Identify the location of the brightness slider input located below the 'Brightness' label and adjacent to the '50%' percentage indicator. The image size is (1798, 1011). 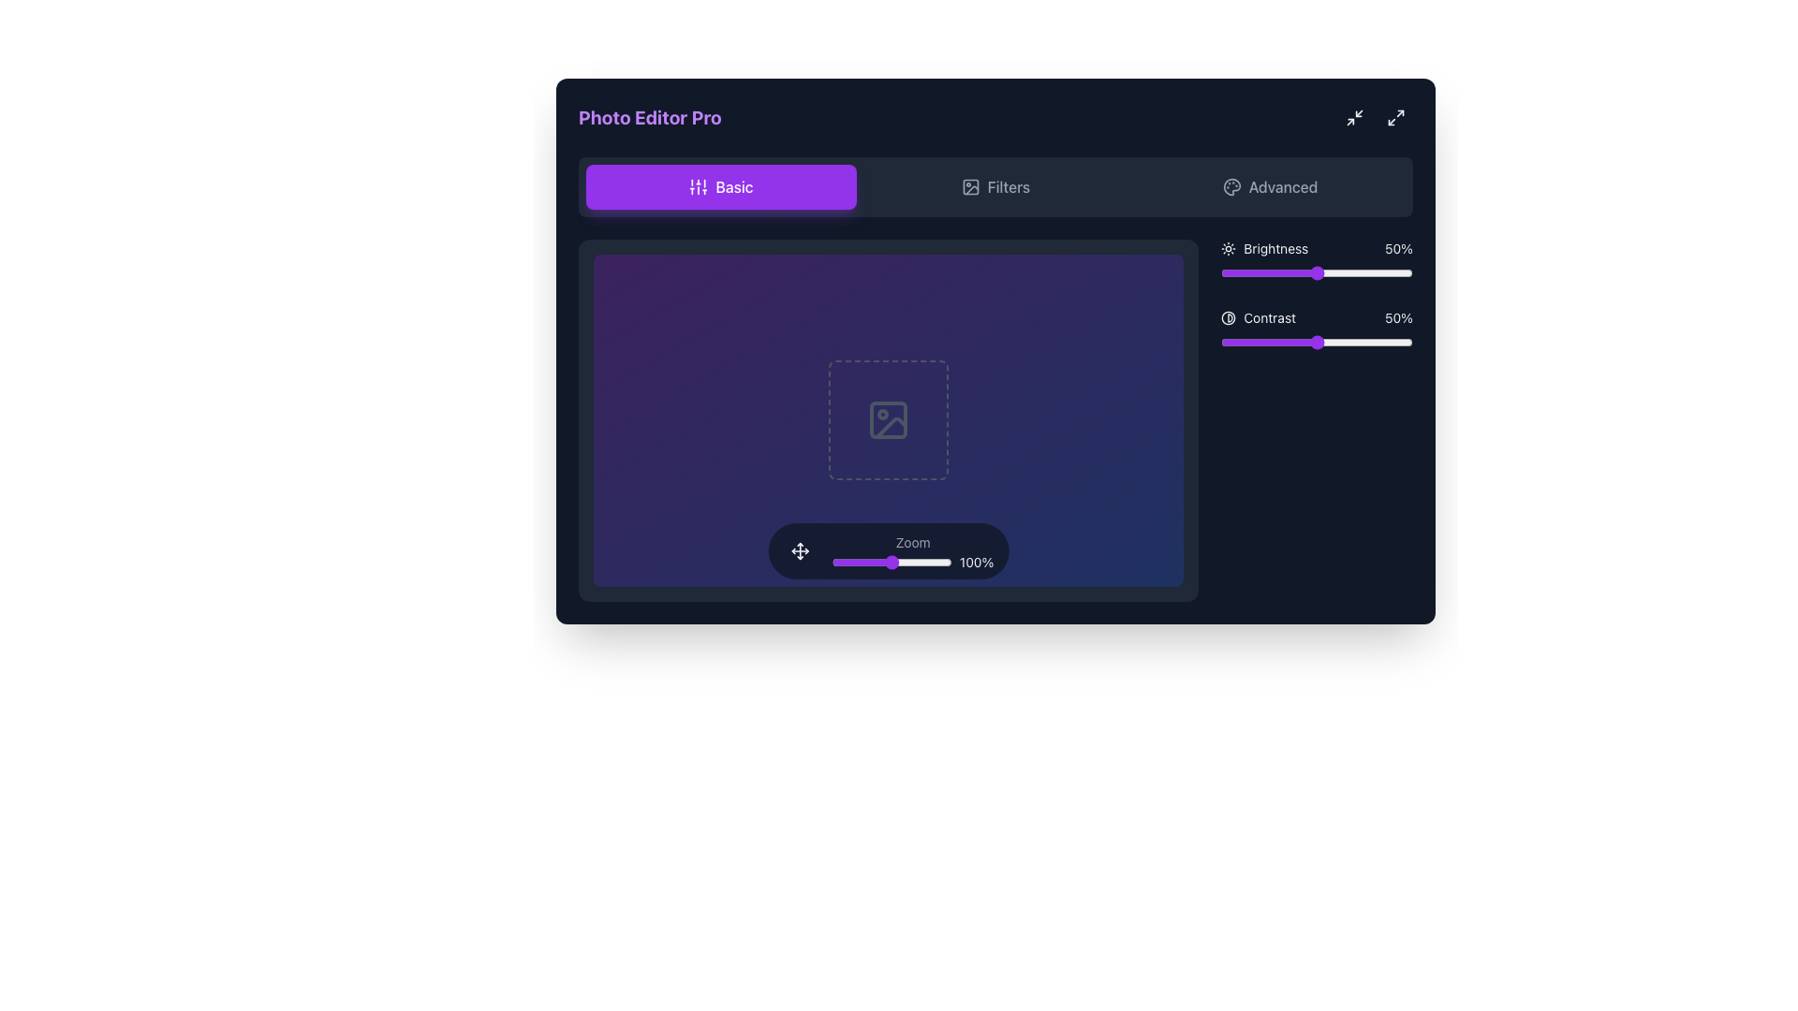
(1316, 273).